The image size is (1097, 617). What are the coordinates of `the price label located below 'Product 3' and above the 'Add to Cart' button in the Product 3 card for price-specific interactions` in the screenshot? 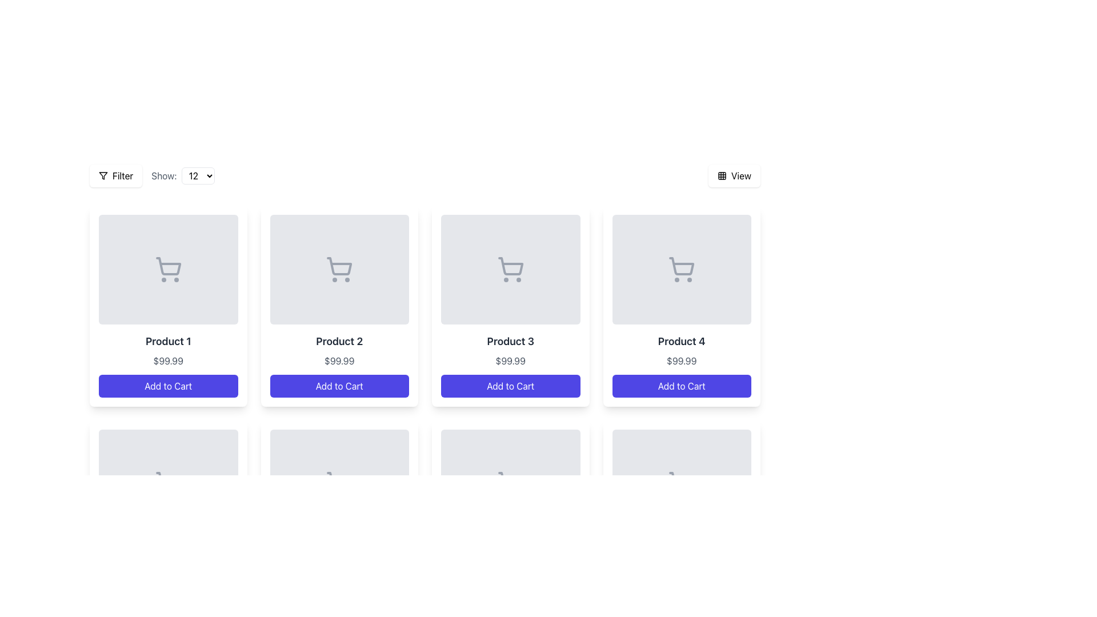 It's located at (510, 361).